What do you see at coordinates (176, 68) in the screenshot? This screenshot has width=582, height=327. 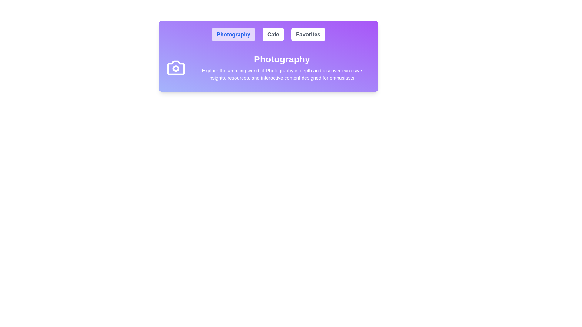 I see `the photography icon located to the left of the 'Photography' heading` at bounding box center [176, 68].